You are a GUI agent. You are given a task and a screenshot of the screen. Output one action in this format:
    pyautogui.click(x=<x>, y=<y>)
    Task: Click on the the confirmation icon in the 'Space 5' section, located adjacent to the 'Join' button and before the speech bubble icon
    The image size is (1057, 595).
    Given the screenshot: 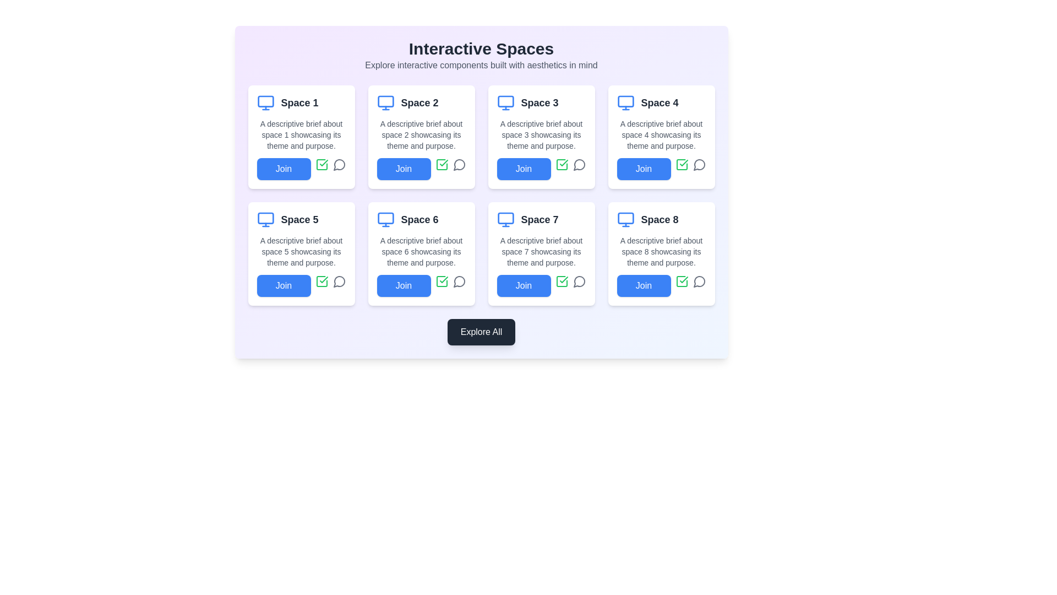 What is the action you would take?
    pyautogui.click(x=321, y=280)
    